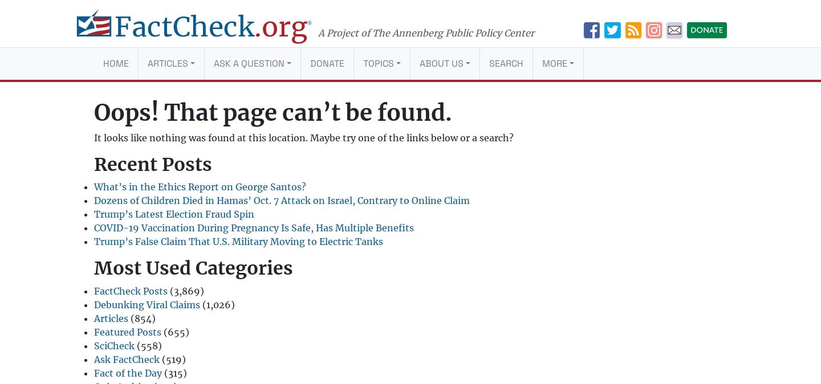 The height and width of the screenshot is (384, 821). What do you see at coordinates (114, 345) in the screenshot?
I see `'SciCheck'` at bounding box center [114, 345].